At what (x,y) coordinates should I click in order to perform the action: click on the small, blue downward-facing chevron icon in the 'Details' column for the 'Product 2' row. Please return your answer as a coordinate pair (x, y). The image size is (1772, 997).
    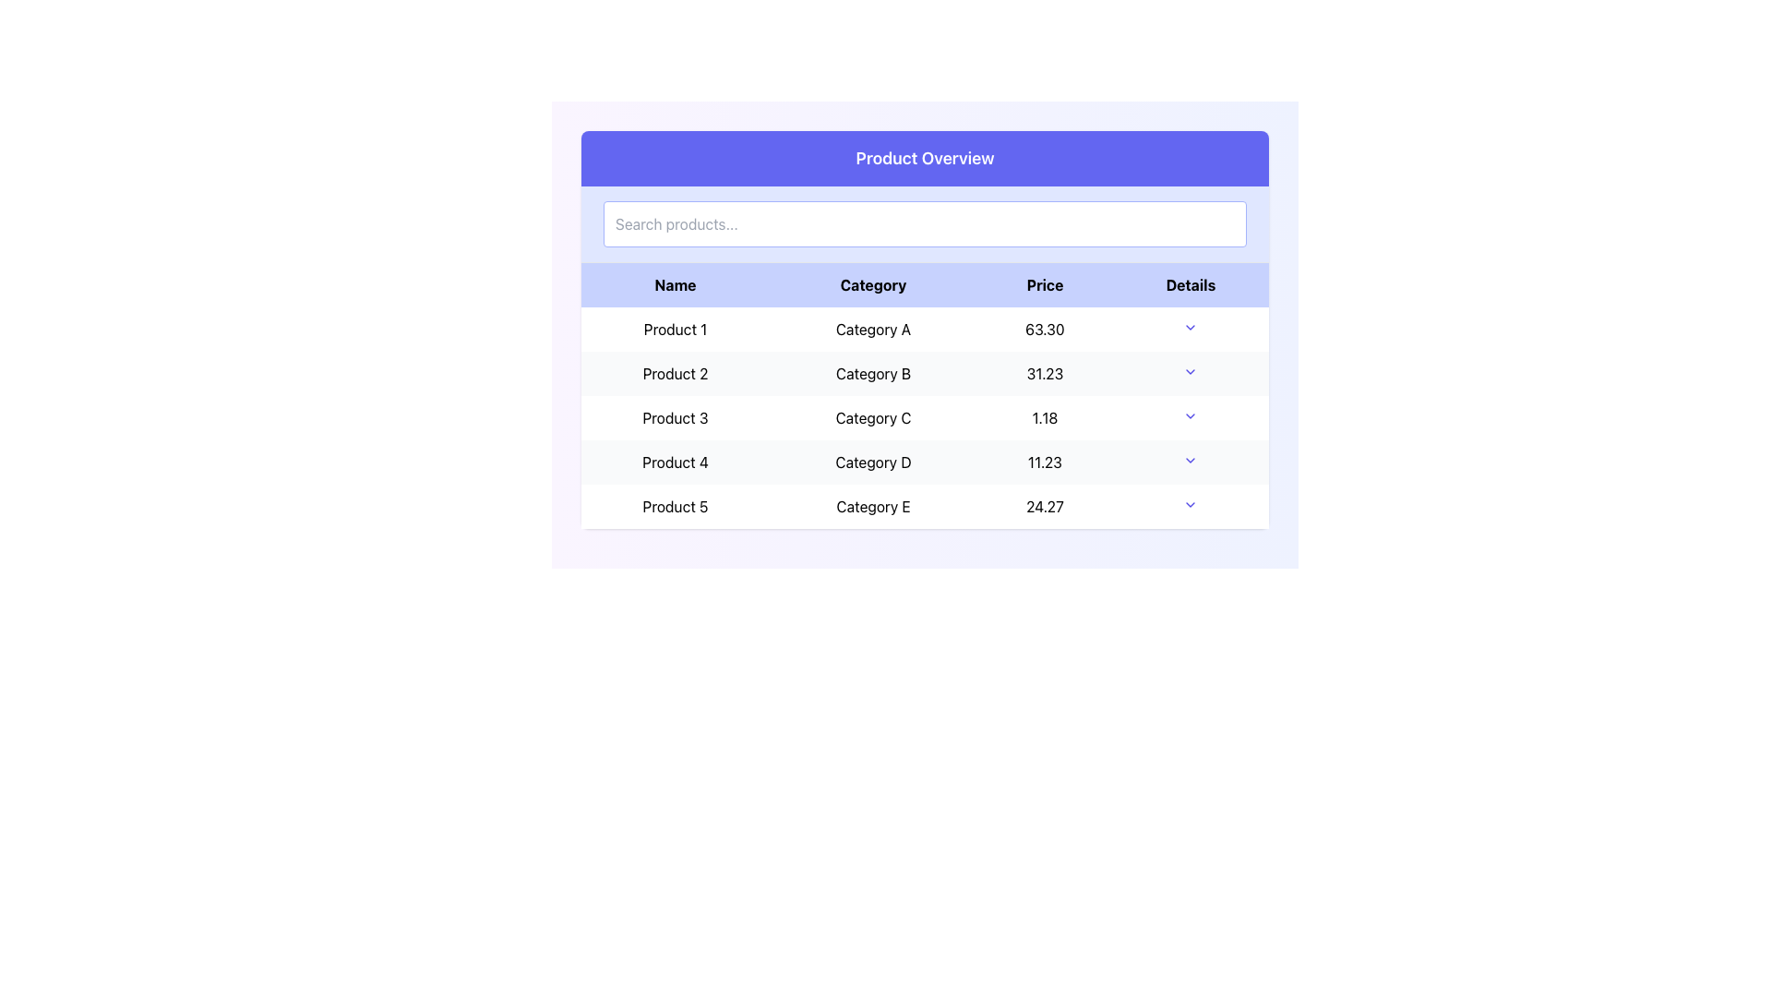
    Looking at the image, I should click on (1191, 374).